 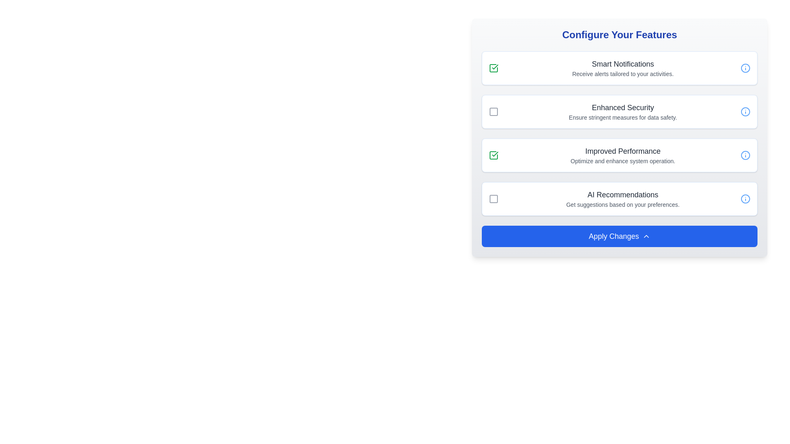 What do you see at coordinates (620, 112) in the screenshot?
I see `the checkbox in the 'Enhanced Security' feature option section` at bounding box center [620, 112].